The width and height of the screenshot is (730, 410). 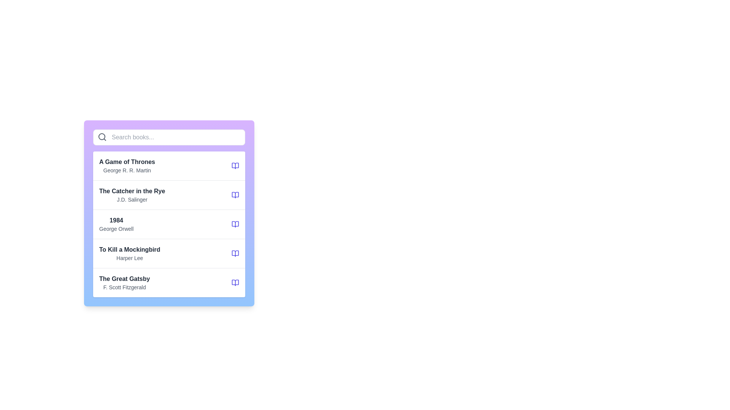 What do you see at coordinates (127, 162) in the screenshot?
I see `the text label that identifies the book titled 'A Game of Thrones', which is located in the first item of a vertically listed group of books, positioned above 'George R. R. Martin' and to the left of a book icon` at bounding box center [127, 162].